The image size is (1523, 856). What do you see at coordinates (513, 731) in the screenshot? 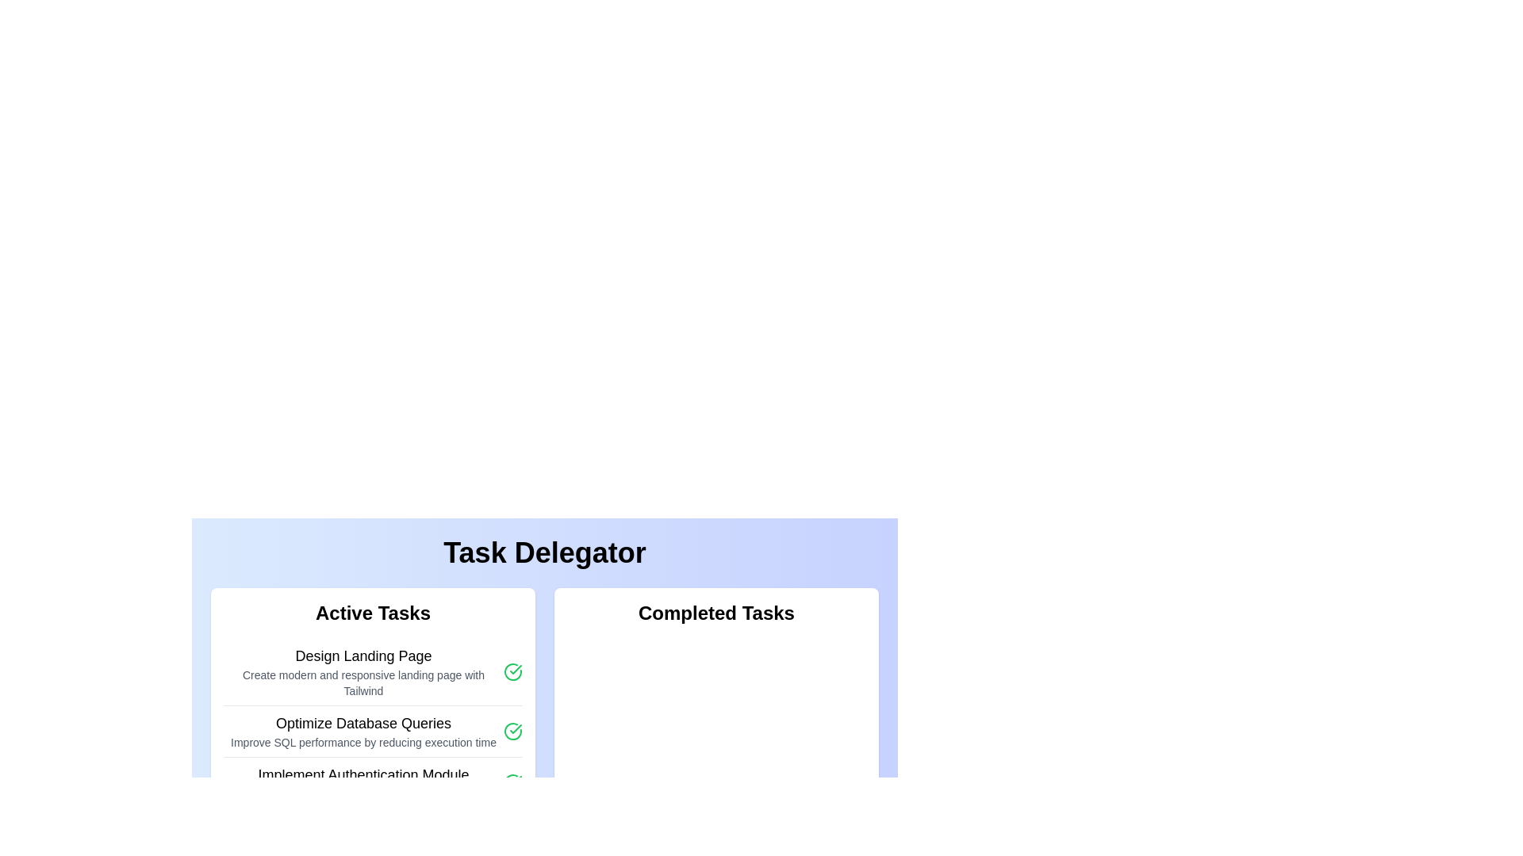
I see `the interactive status indicator icon located to the right of the text 'Optimize Database Queries' in the second row under the 'Active Tasks' column of the 'Task Delegator' section` at bounding box center [513, 731].